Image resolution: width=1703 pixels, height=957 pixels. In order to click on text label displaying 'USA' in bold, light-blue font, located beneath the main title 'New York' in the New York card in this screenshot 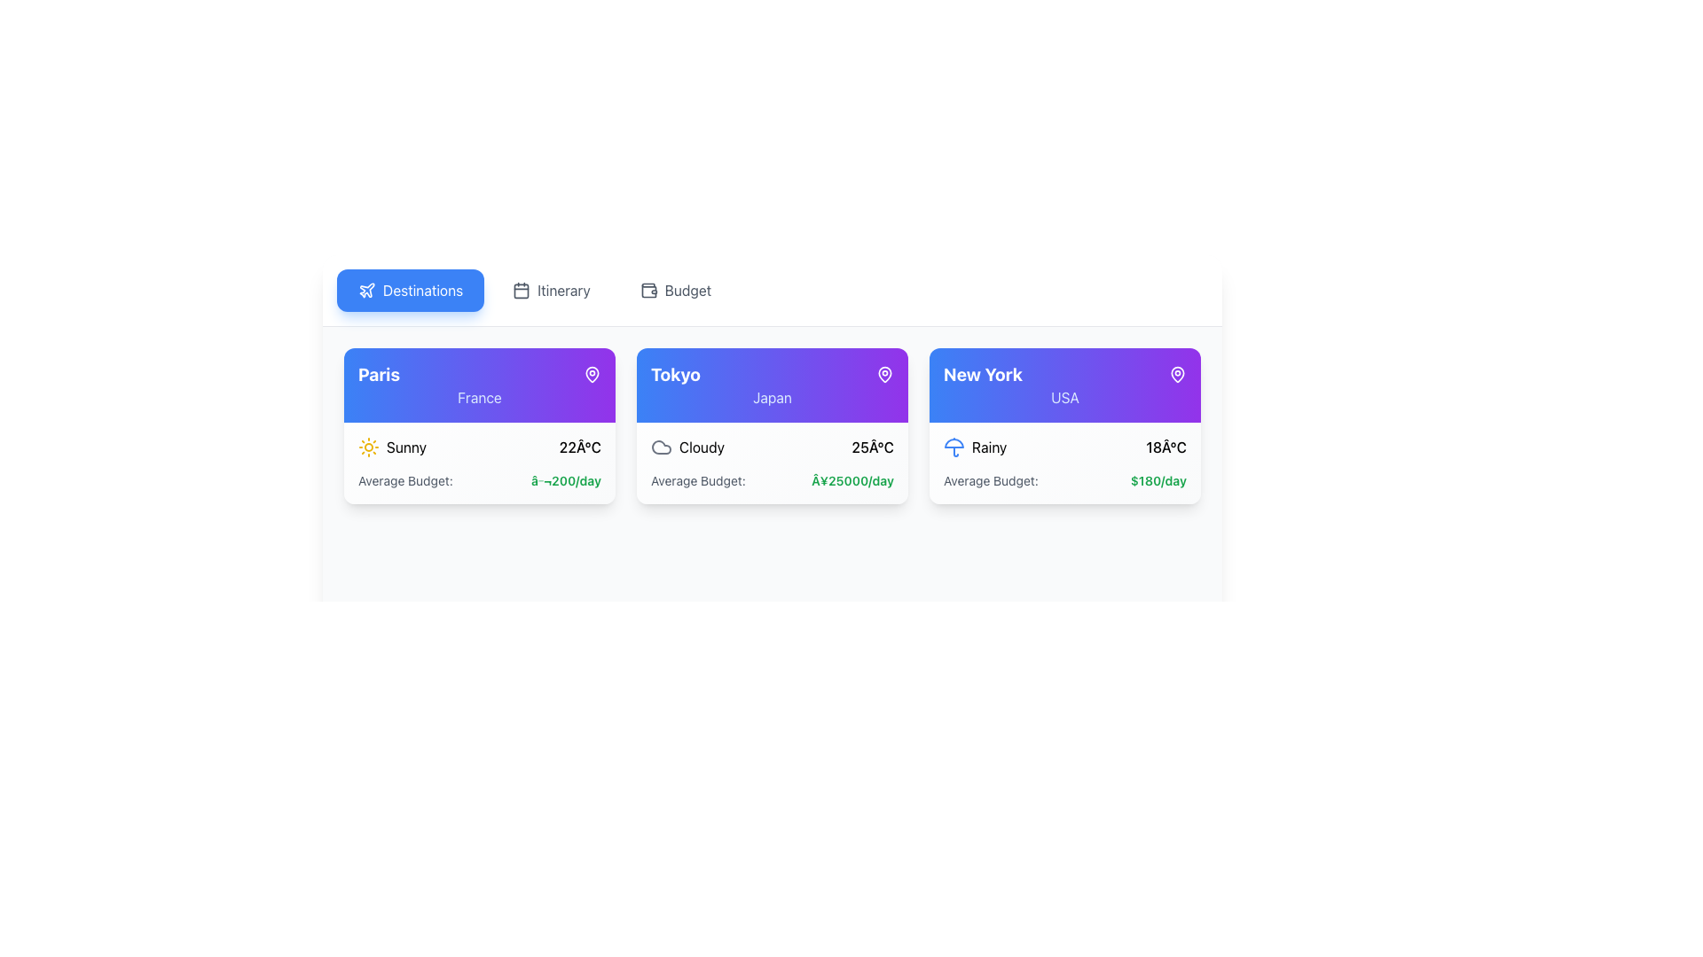, I will do `click(1064, 396)`.